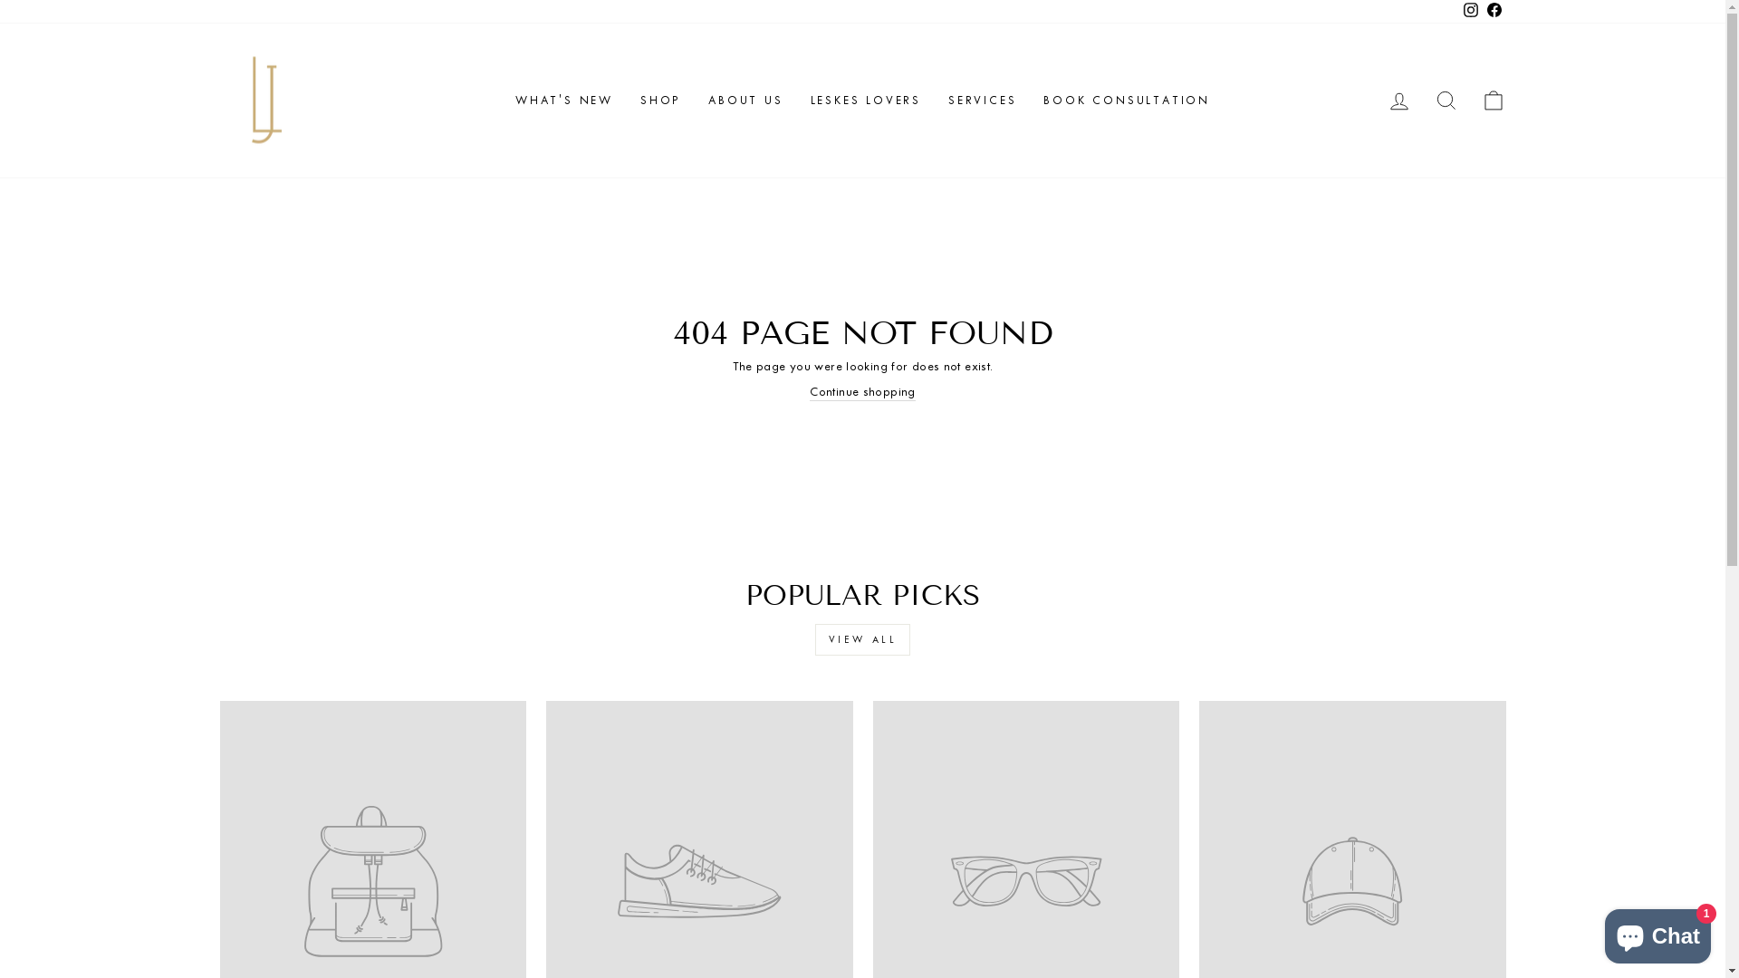 The image size is (1739, 978). Describe the element at coordinates (1494, 11) in the screenshot. I see `'Facebook'` at that location.